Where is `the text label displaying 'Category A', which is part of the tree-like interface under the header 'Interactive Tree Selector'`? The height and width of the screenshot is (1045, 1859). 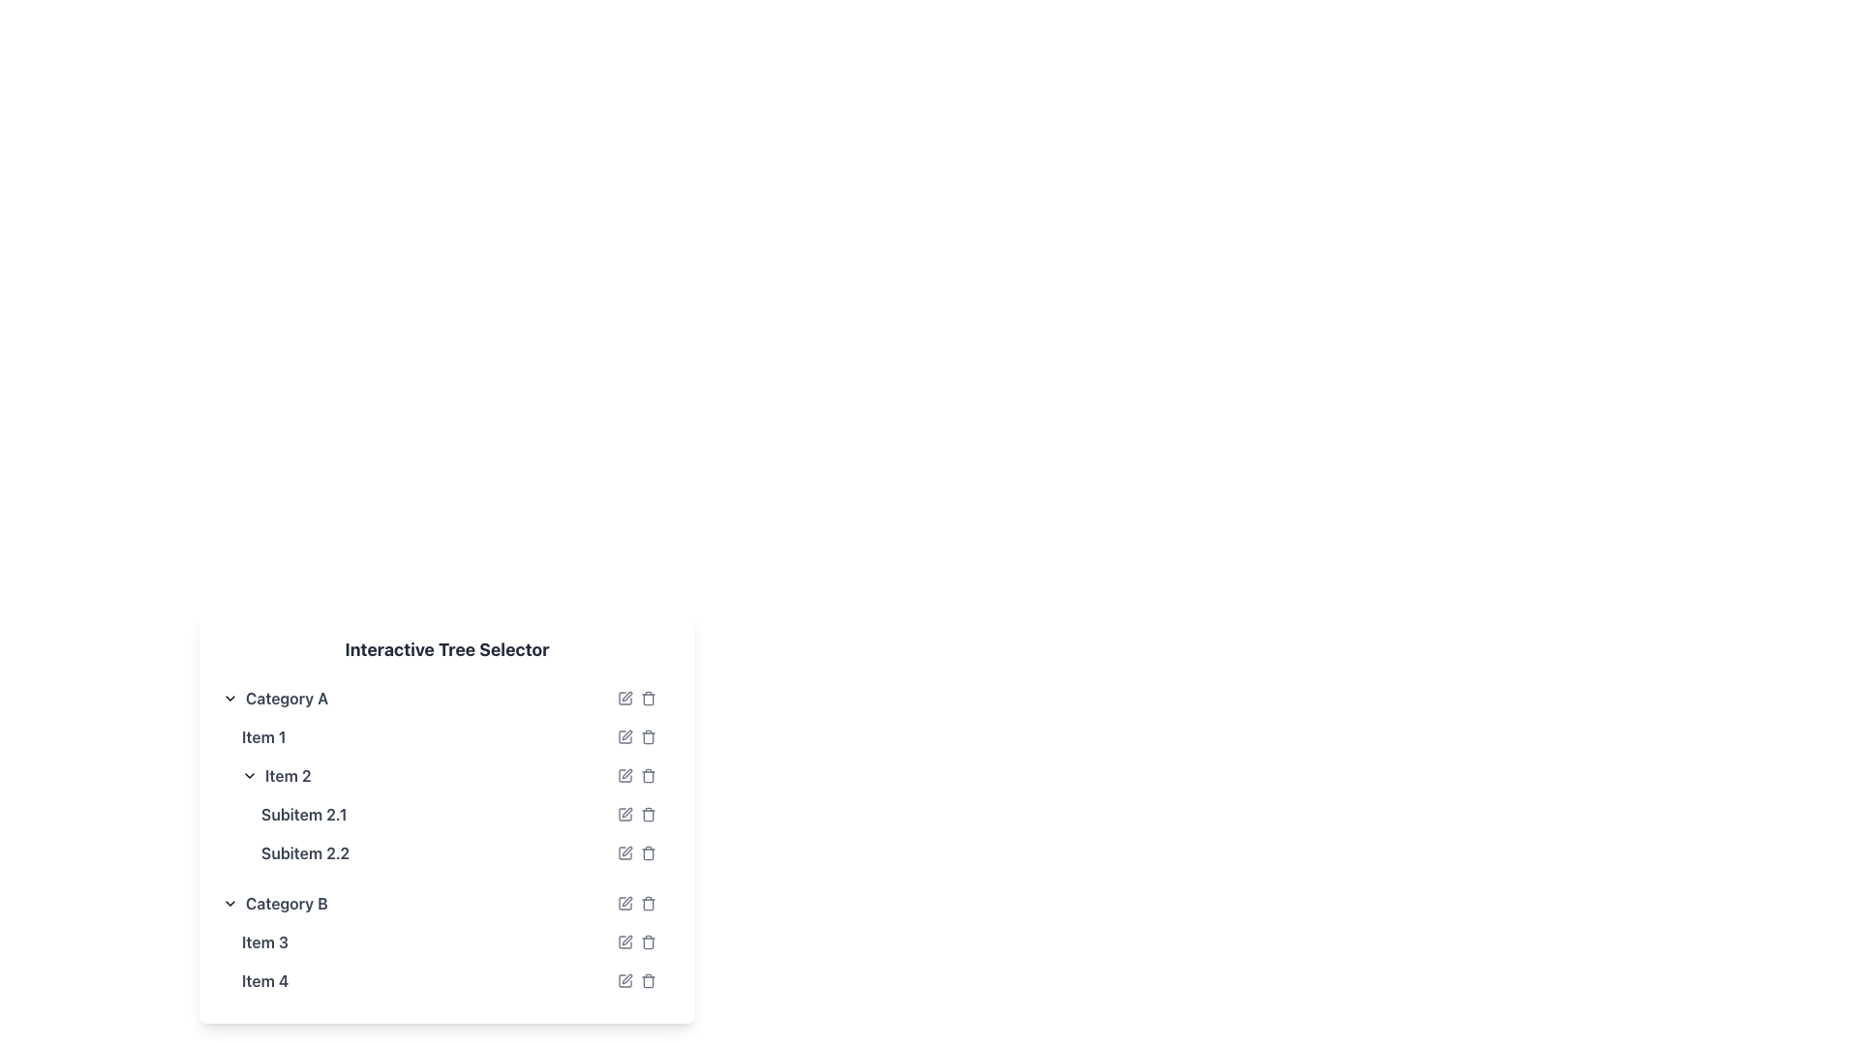 the text label displaying 'Category A', which is part of the tree-like interface under the header 'Interactive Tree Selector' is located at coordinates (286, 698).